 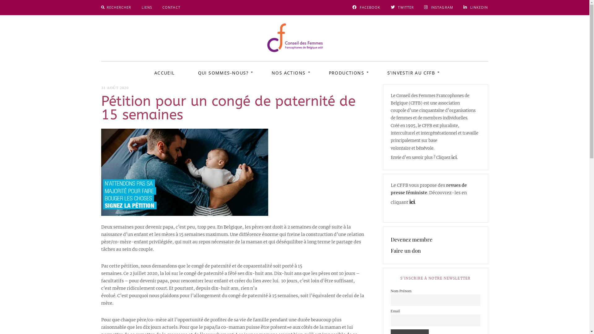 What do you see at coordinates (411, 239) in the screenshot?
I see `'Devenez membre'` at bounding box center [411, 239].